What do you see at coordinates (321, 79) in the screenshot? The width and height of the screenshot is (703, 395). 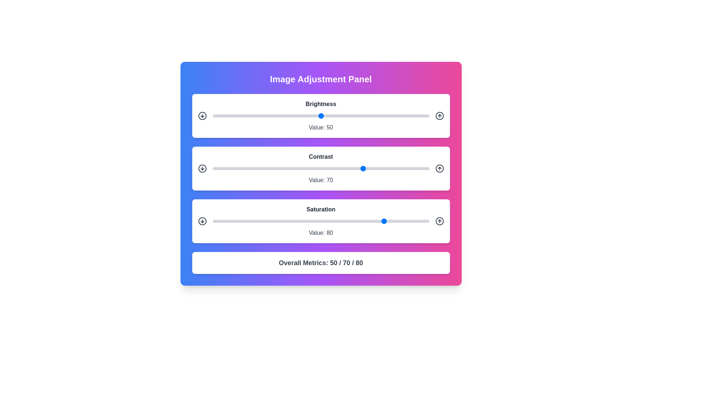 I see `the header labeled 'Image Adjustment Panel' which is styled in bold white text and centered within a gradient background` at bounding box center [321, 79].